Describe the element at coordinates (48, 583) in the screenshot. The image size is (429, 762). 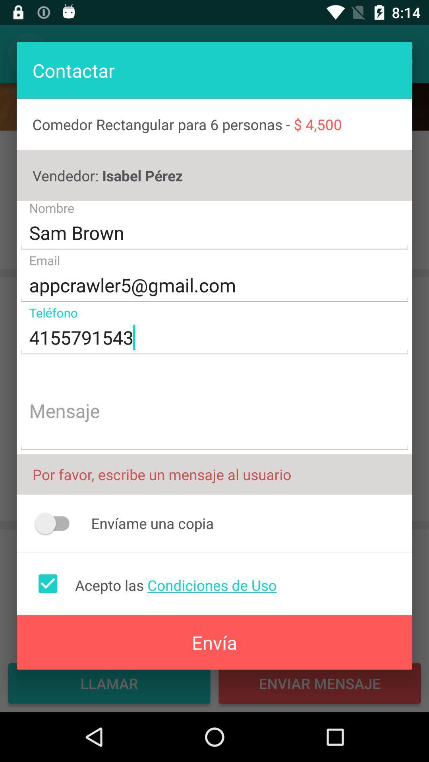
I see `accept terms of use` at that location.